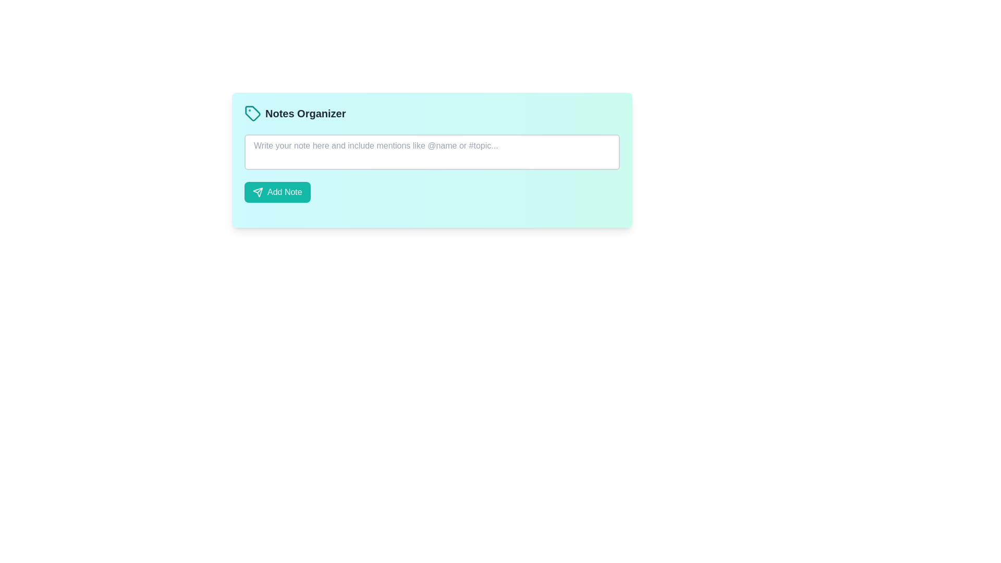  I want to click on the teal paper airplane icon located inside the 'Add Note' button, positioned below the text input field in the 'Notes Organizer' section, so click(258, 192).